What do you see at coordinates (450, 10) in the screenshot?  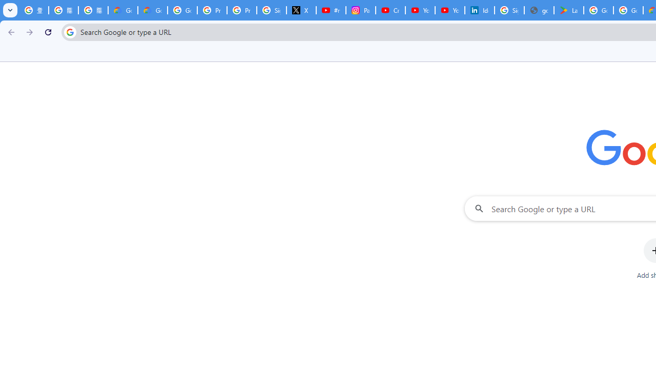 I see `'YouTube Culture & Trends - YouTube Top 10, 2021'` at bounding box center [450, 10].